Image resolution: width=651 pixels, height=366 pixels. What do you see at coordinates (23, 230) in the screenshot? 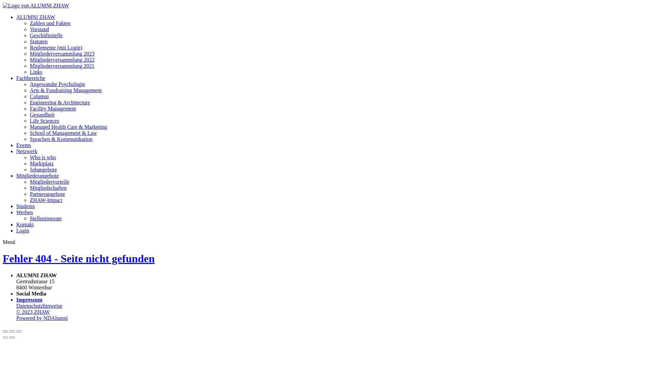
I see `'Login'` at bounding box center [23, 230].